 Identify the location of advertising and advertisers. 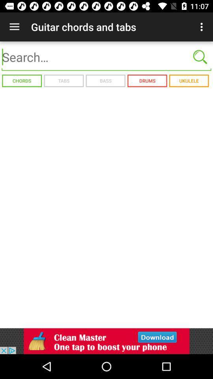
(106, 341).